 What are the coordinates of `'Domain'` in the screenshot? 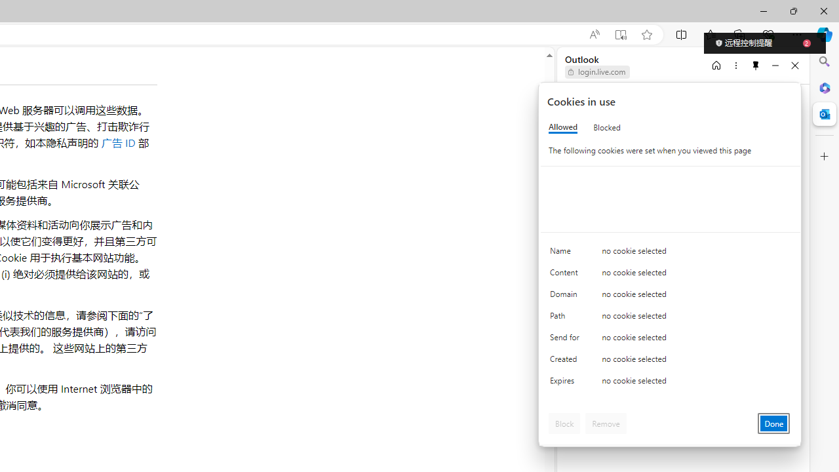 It's located at (567, 297).